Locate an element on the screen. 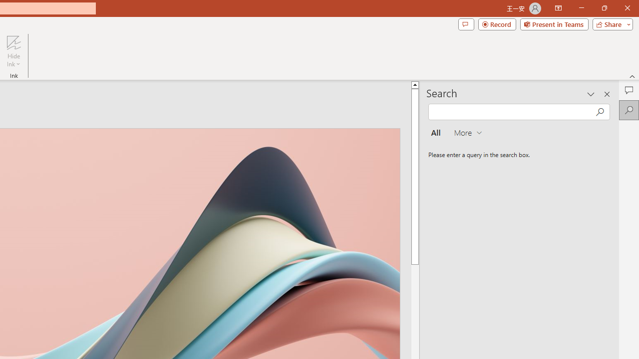 Image resolution: width=639 pixels, height=359 pixels. 'Hide Ink' is located at coordinates (13, 42).